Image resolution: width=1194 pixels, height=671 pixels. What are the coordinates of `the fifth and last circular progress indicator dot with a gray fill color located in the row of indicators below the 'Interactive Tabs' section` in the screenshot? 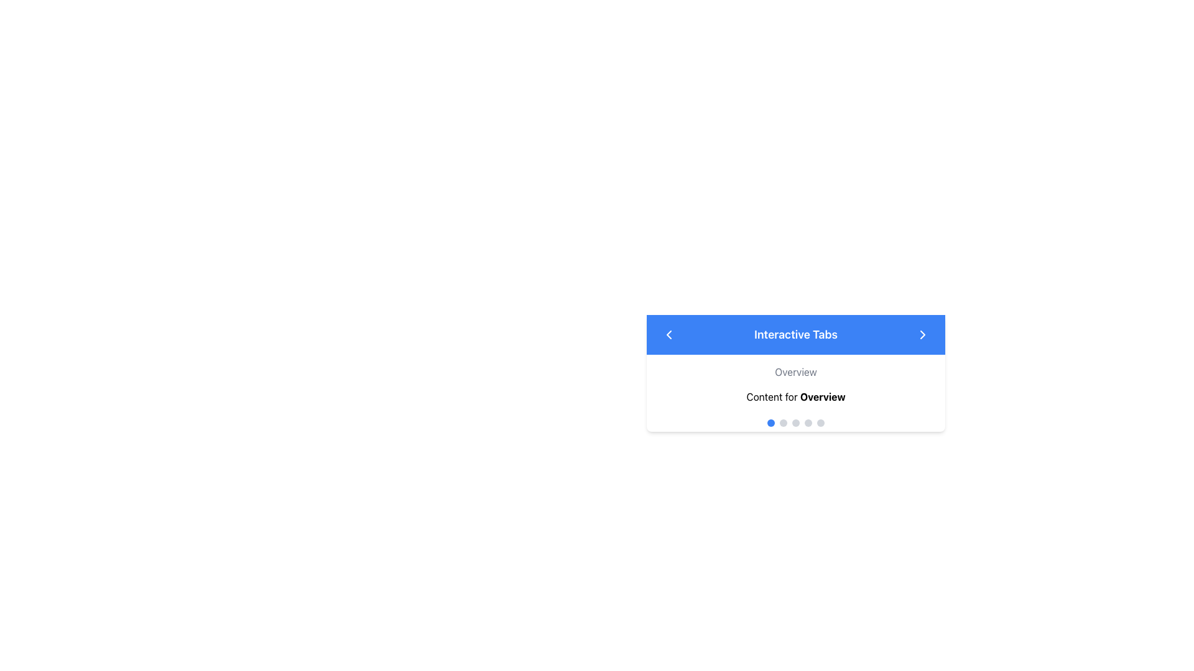 It's located at (821, 422).